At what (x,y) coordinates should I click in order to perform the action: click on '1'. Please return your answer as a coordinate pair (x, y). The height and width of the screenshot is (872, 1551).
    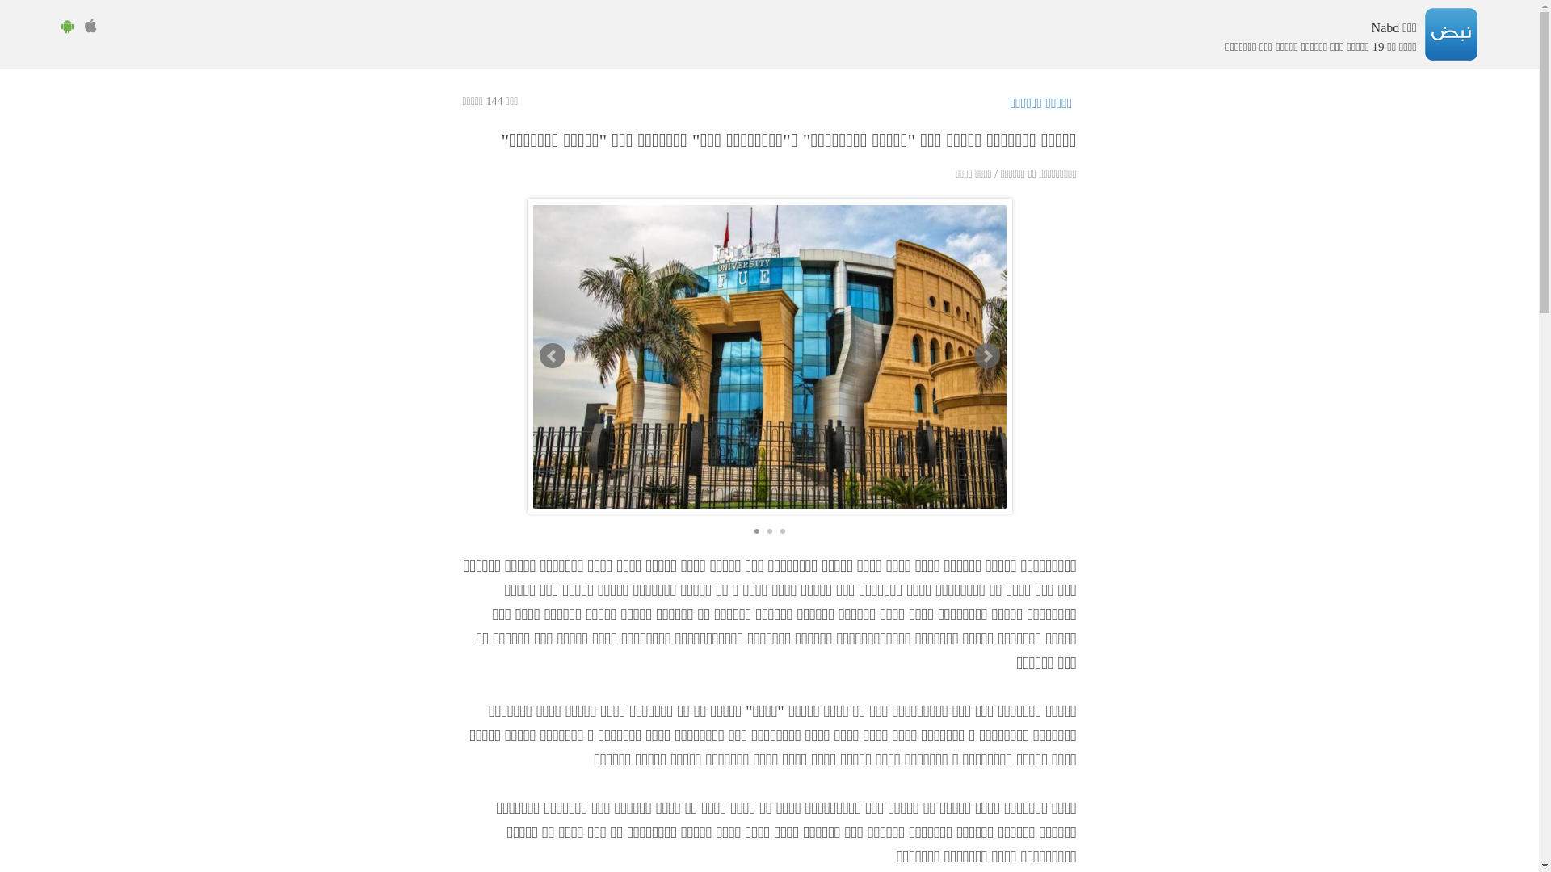
    Looking at the image, I should click on (755, 531).